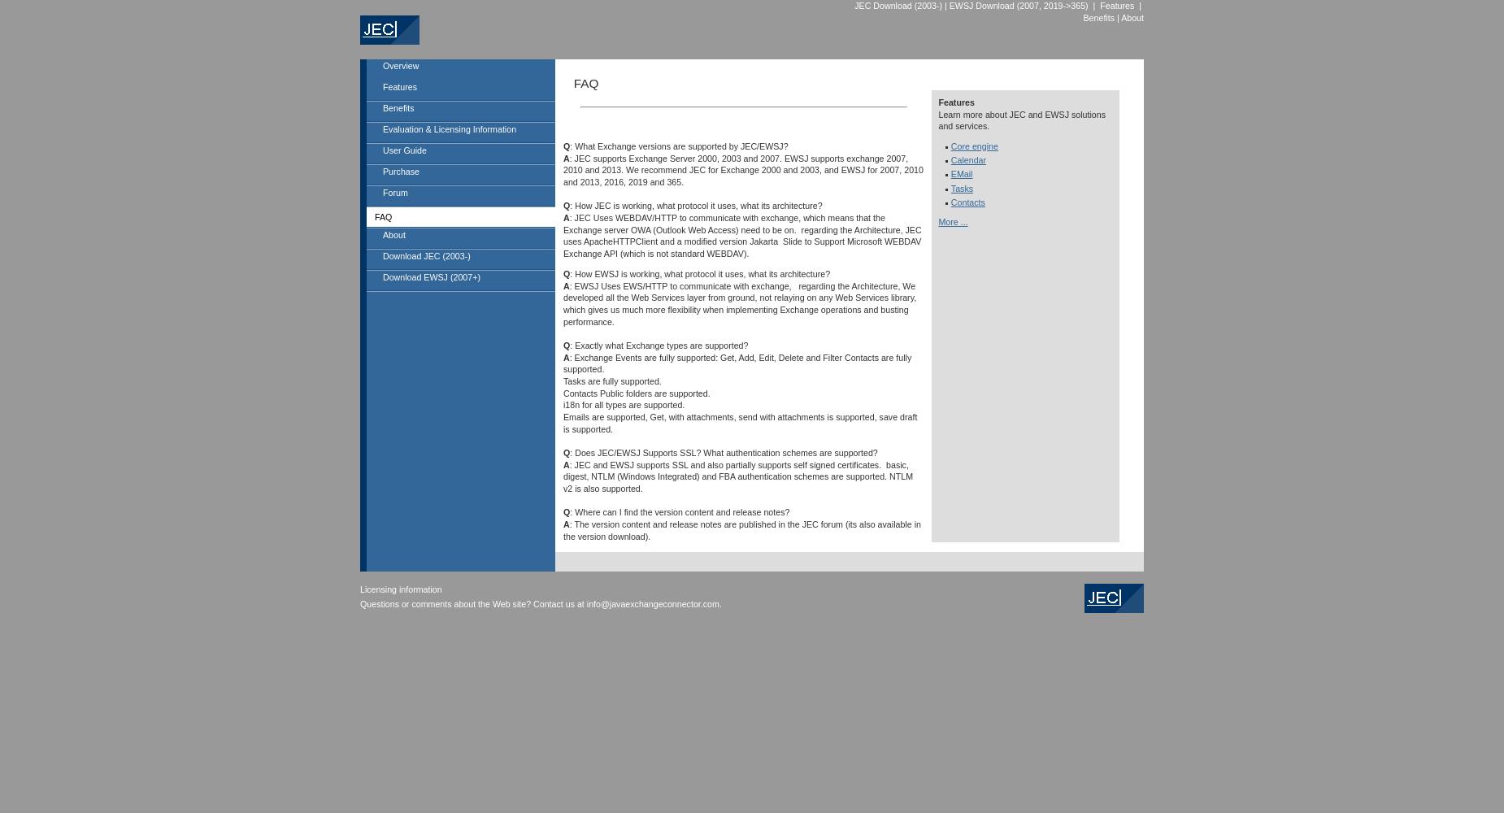  Describe the element at coordinates (426, 255) in the screenshot. I see `'Download JEC (2003-)'` at that location.